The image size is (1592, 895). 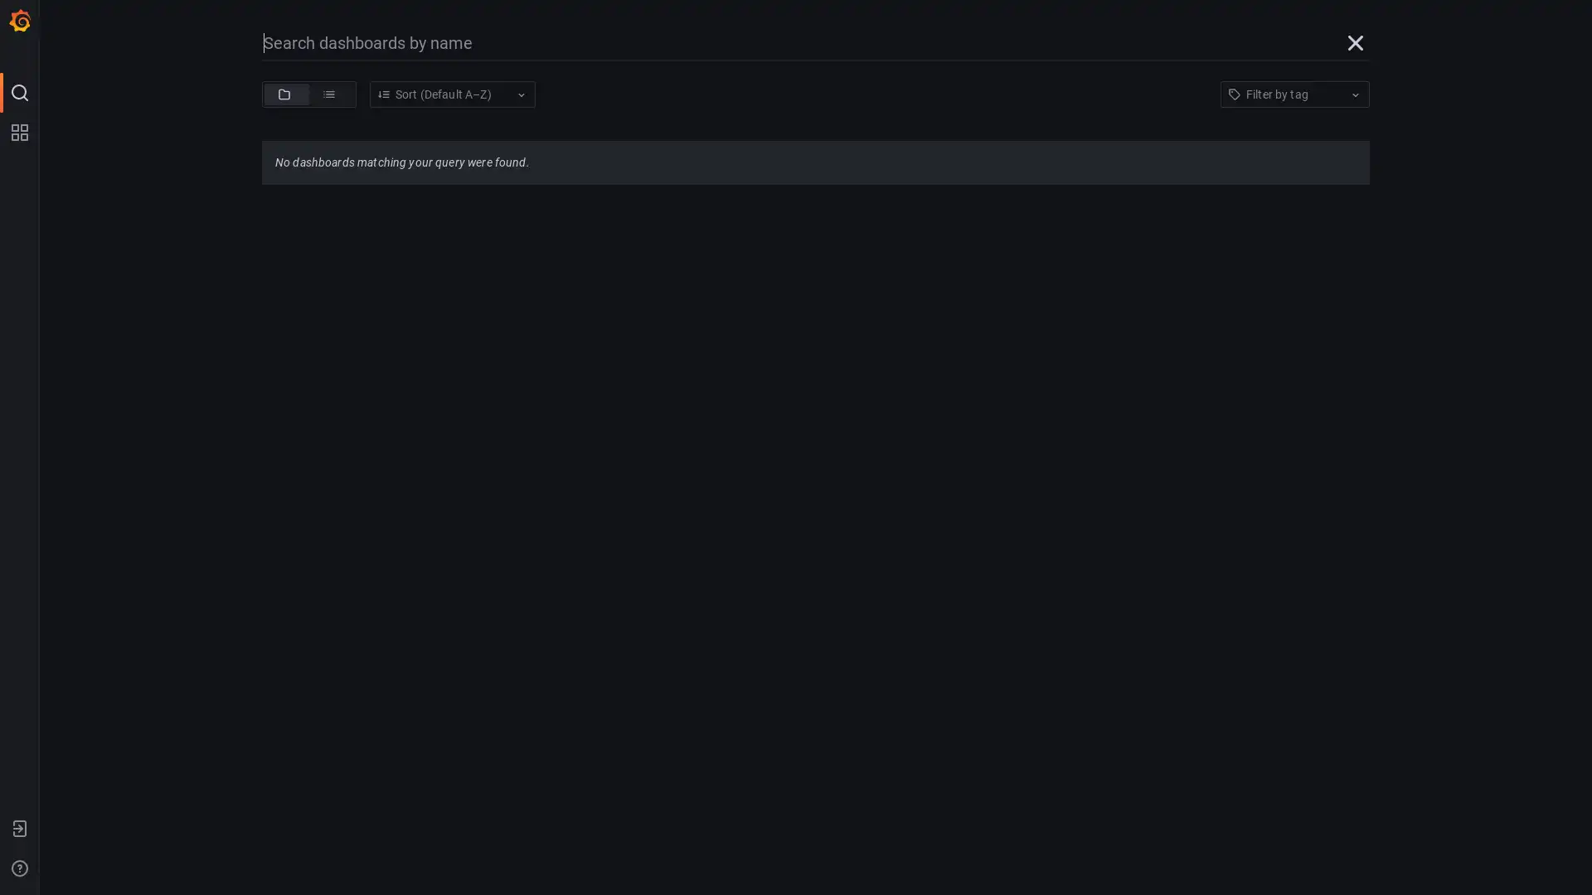 What do you see at coordinates (1563, 26) in the screenshot?
I see `Cycle view mode` at bounding box center [1563, 26].